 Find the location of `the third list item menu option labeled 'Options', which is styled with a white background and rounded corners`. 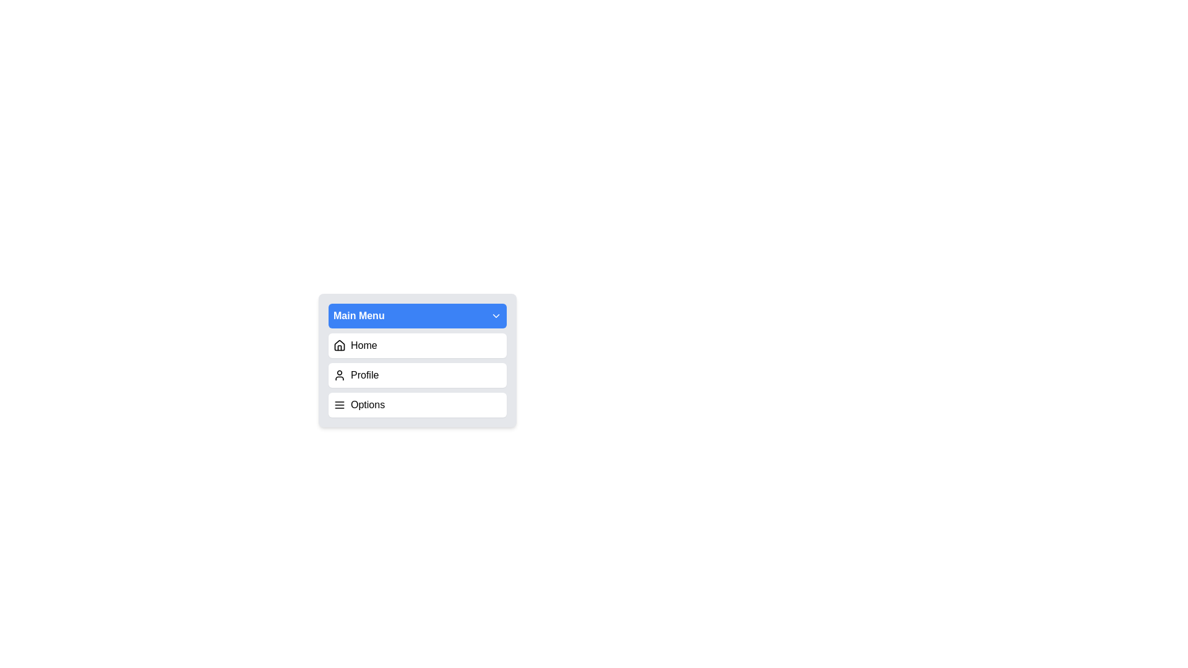

the third list item menu option labeled 'Options', which is styled with a white background and rounded corners is located at coordinates (418, 405).